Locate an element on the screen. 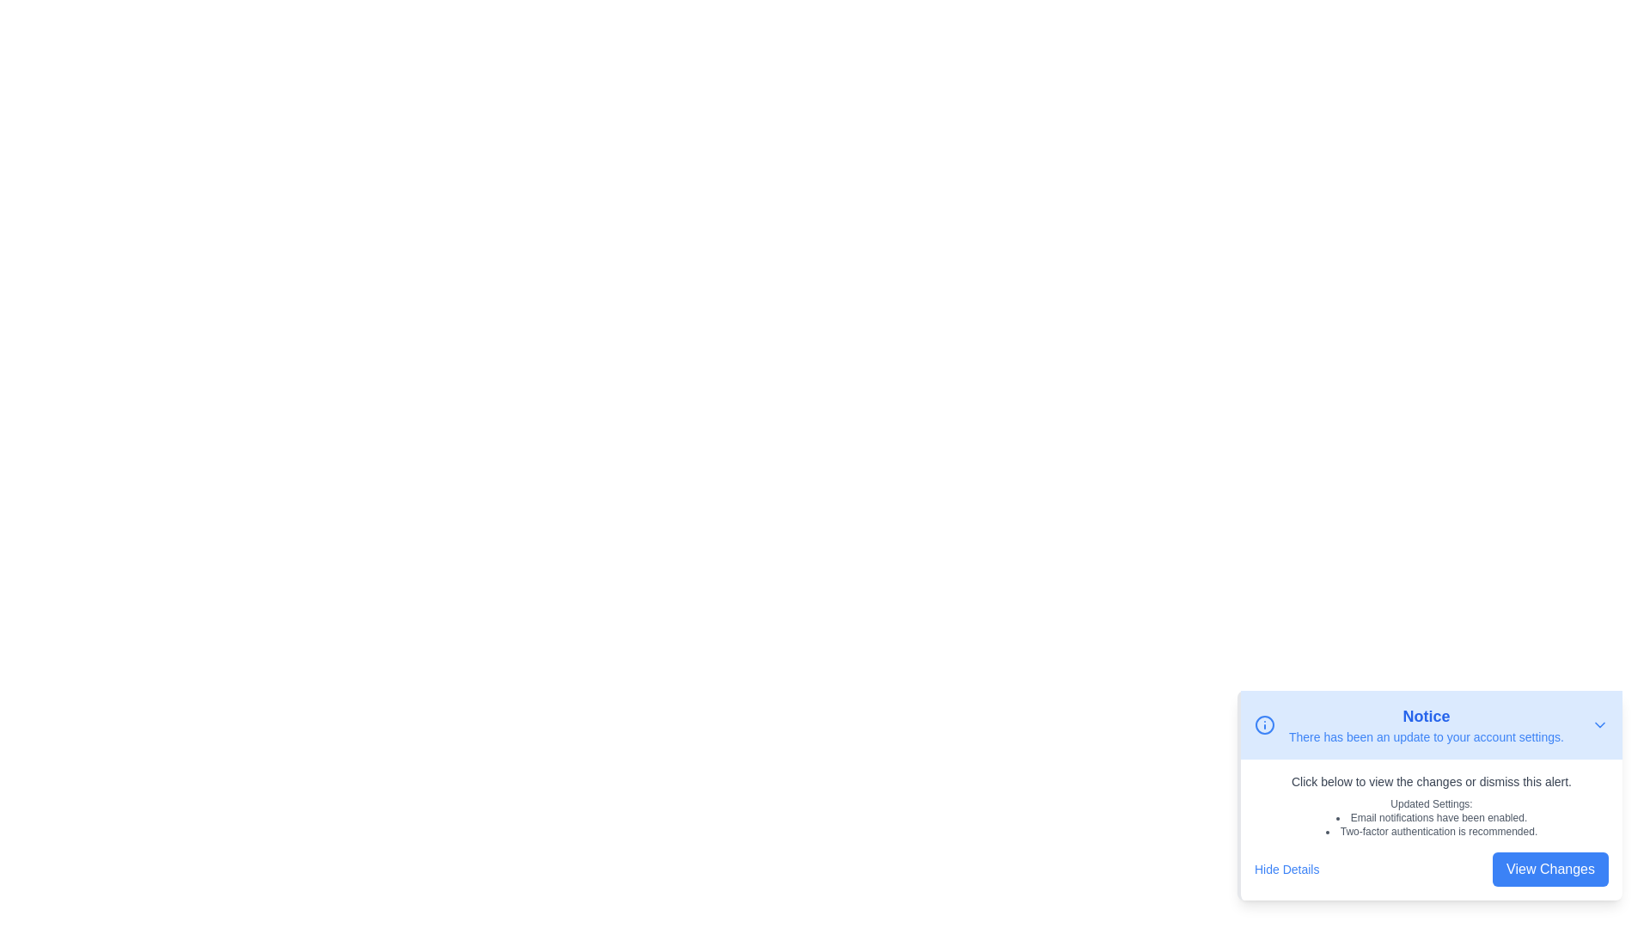 This screenshot has width=1650, height=928. the second bullet point in the context box that recommends enabling two-factor authentication is located at coordinates (1431, 831).